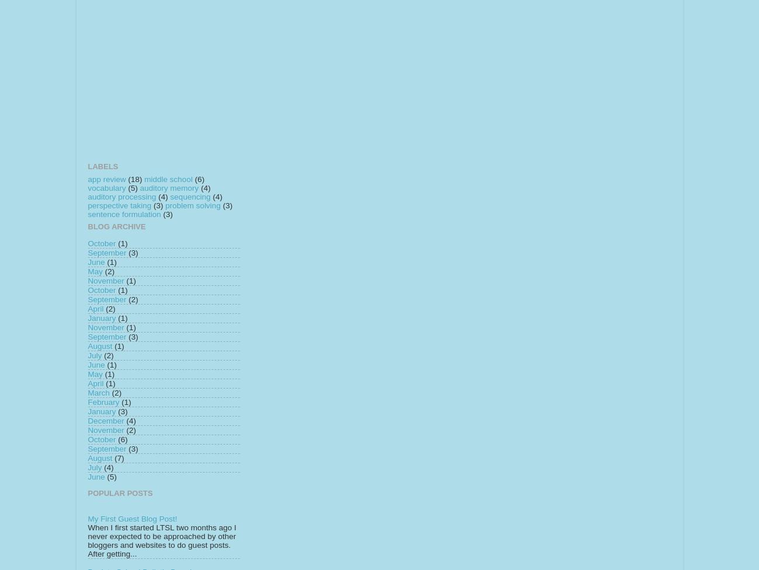  Describe the element at coordinates (87, 226) in the screenshot. I see `'Blog Archive'` at that location.